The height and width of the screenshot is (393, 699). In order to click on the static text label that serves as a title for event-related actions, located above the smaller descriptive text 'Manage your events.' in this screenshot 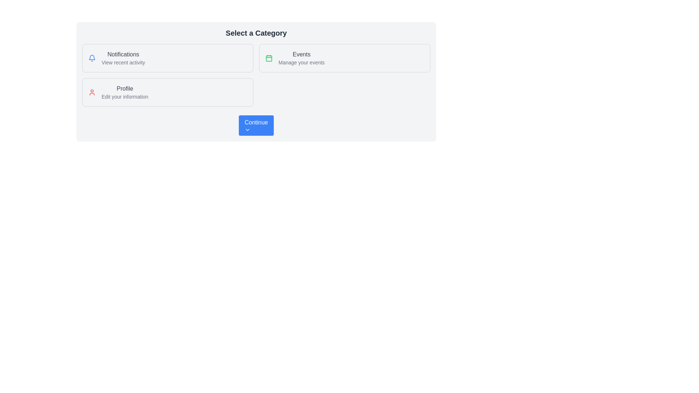, I will do `click(301, 54)`.